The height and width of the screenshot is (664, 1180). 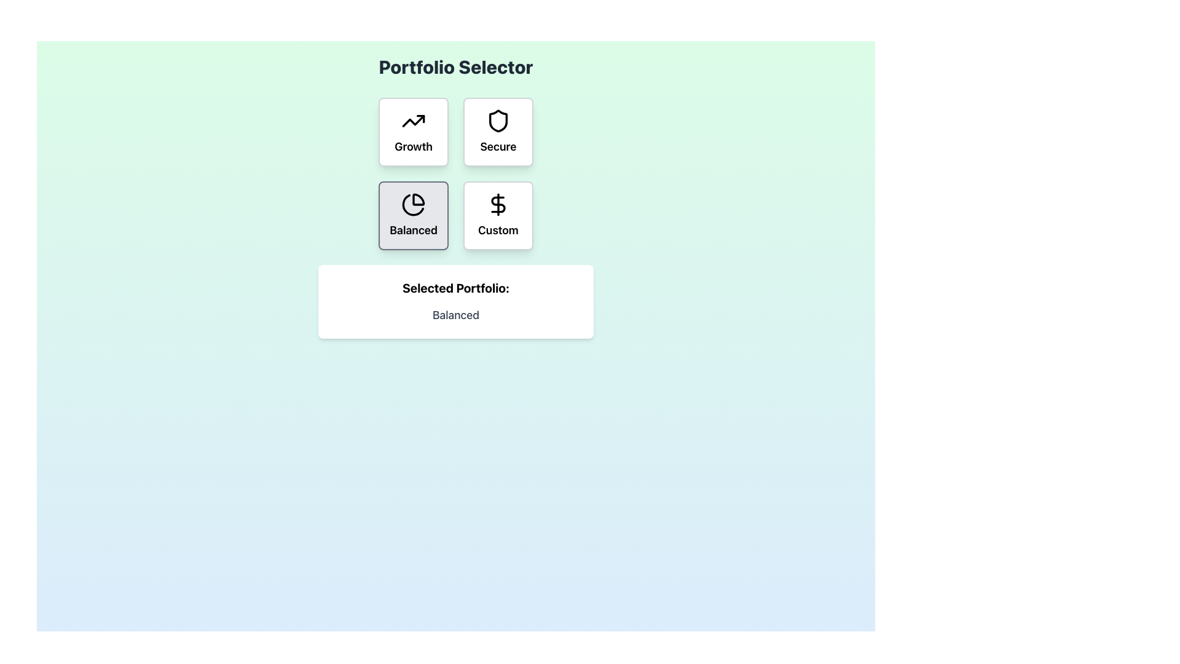 What do you see at coordinates (498, 121) in the screenshot?
I see `the shield icon with a bold black stroke located within the second square button in the top row of the grid layout below the 'Portfolio Selector' title` at bounding box center [498, 121].